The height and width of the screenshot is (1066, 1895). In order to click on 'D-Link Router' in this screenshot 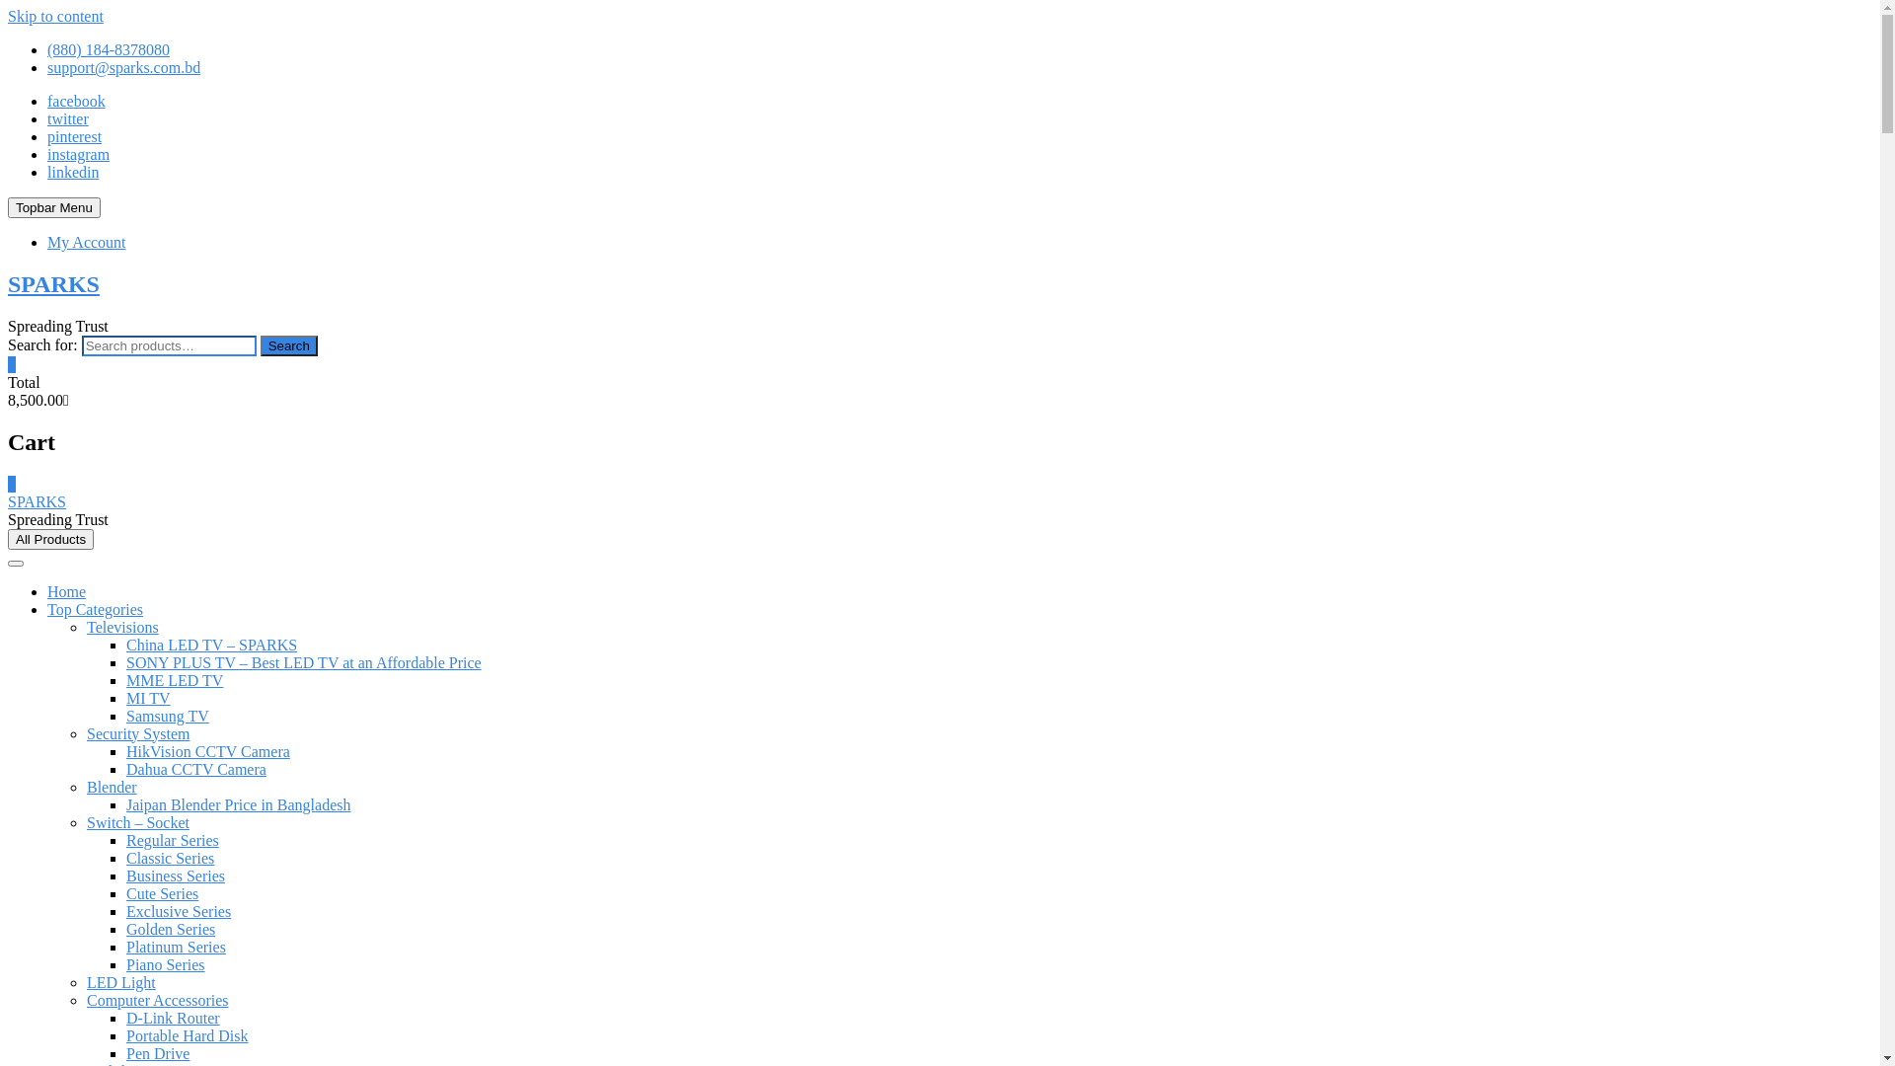, I will do `click(173, 1018)`.